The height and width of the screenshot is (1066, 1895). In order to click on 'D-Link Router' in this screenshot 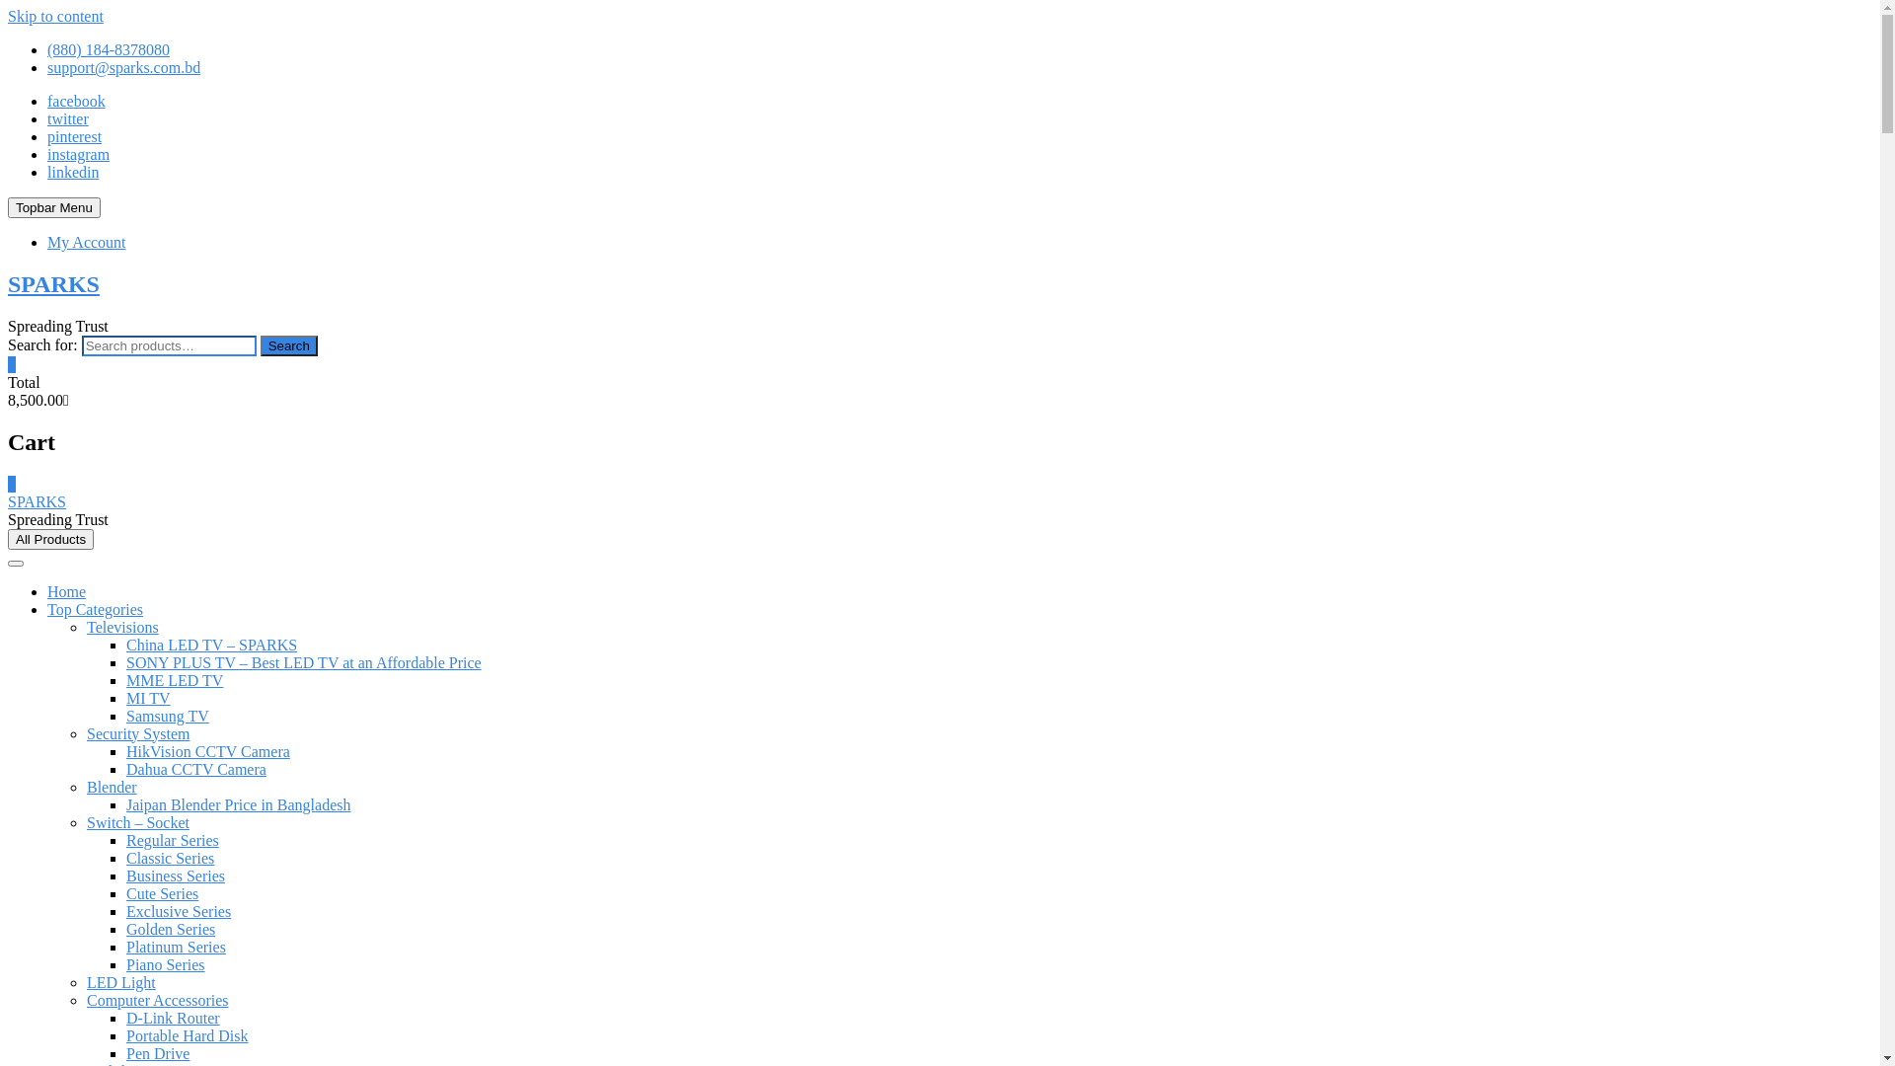, I will do `click(173, 1018)`.